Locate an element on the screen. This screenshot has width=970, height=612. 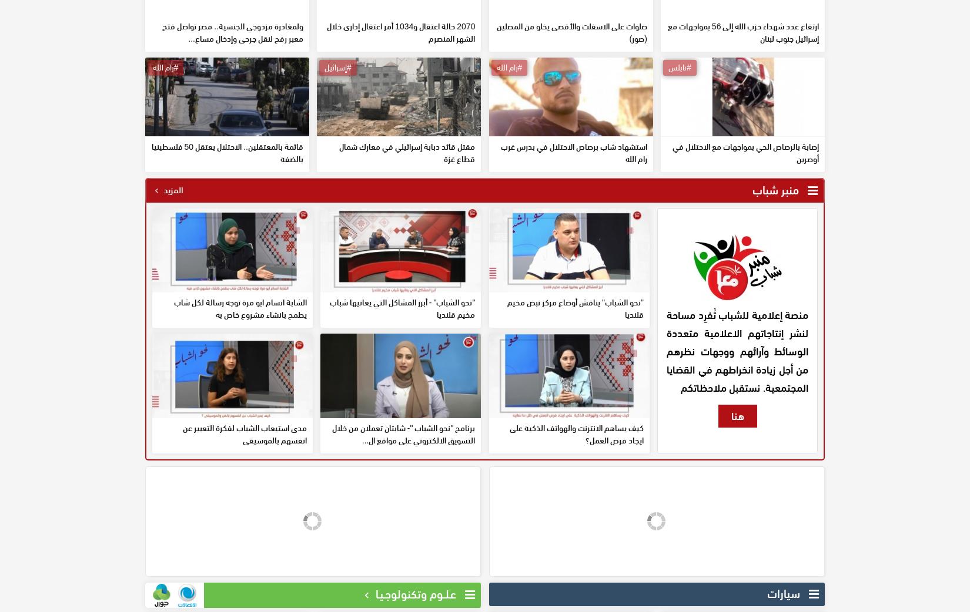
'برنامج "نحو الشباب "- شابتان تعملان من خلال التسويق الالكتروني على مواقع ال...' is located at coordinates (403, 517).